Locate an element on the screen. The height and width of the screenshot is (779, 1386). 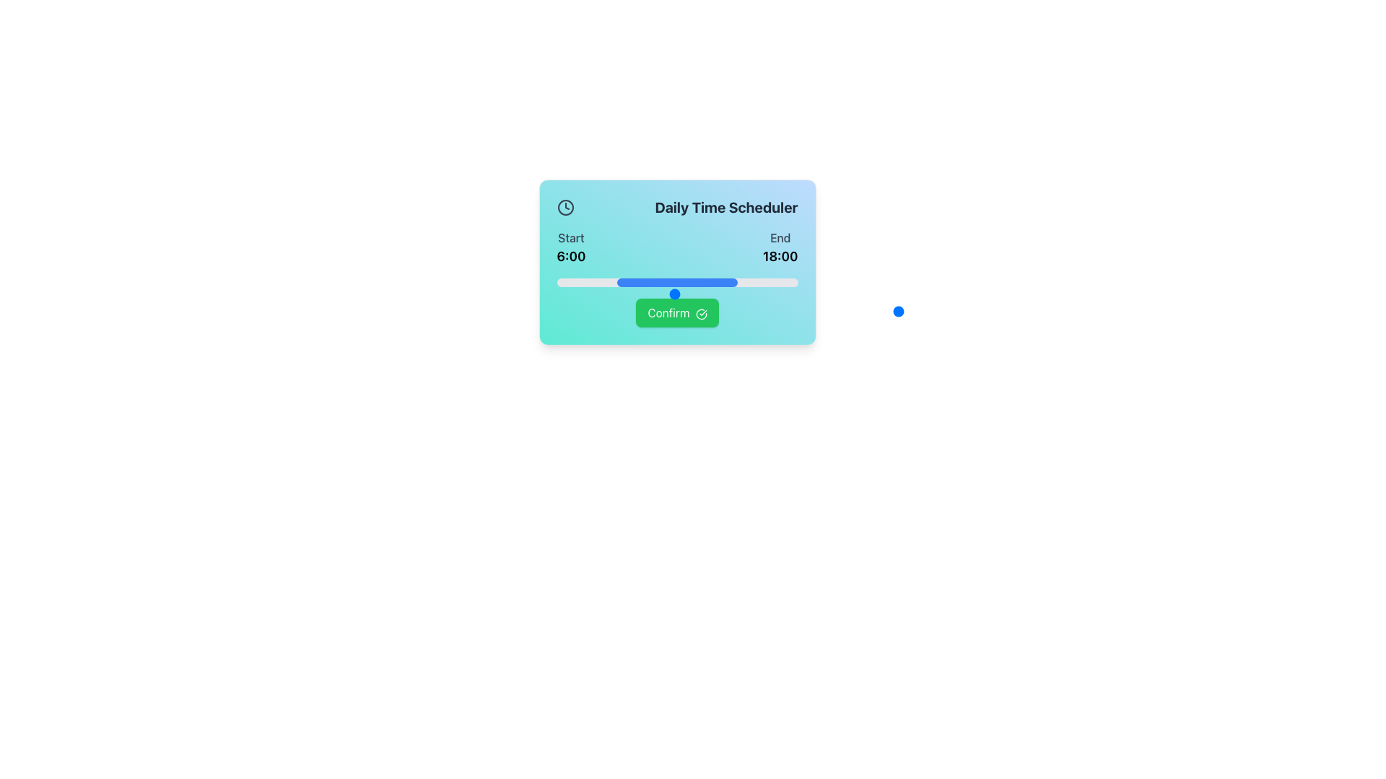
the time value is located at coordinates (729, 294).